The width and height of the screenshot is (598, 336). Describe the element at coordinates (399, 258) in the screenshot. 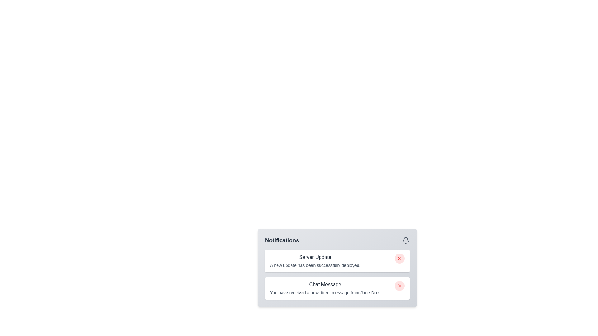

I see `the close button located in the top-right corner of the 'Server Update' notification` at that location.